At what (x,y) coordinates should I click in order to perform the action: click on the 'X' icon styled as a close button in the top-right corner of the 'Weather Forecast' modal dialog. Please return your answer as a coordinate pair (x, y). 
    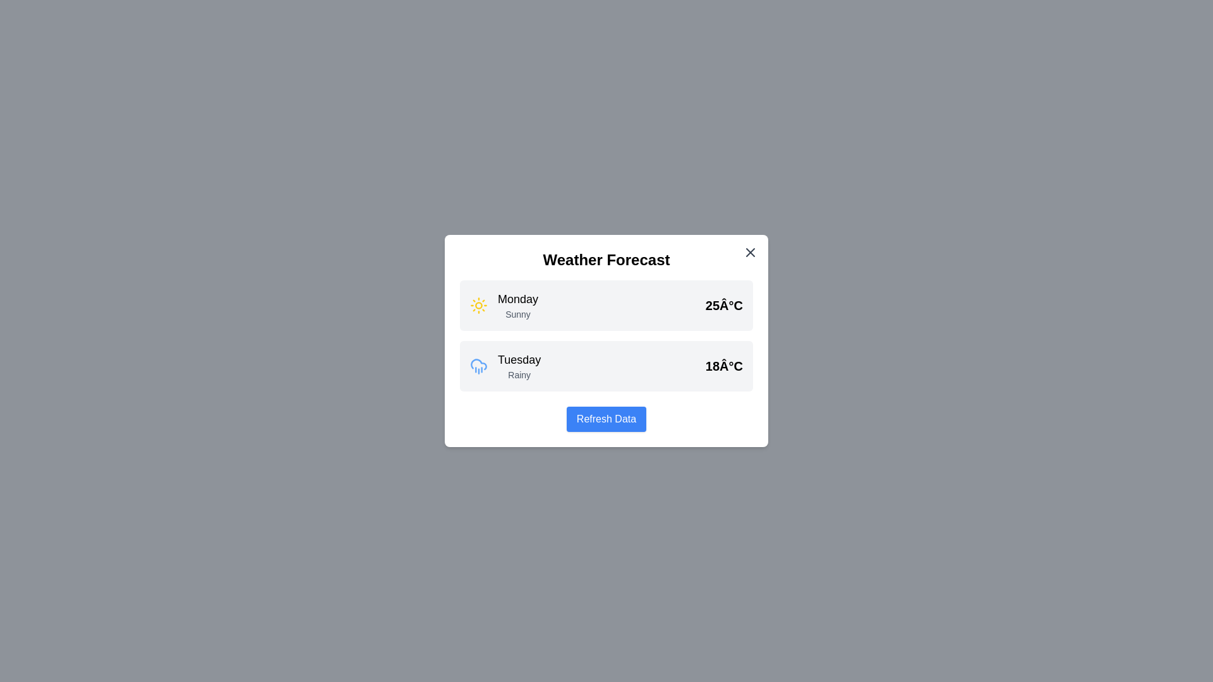
    Looking at the image, I should click on (751, 253).